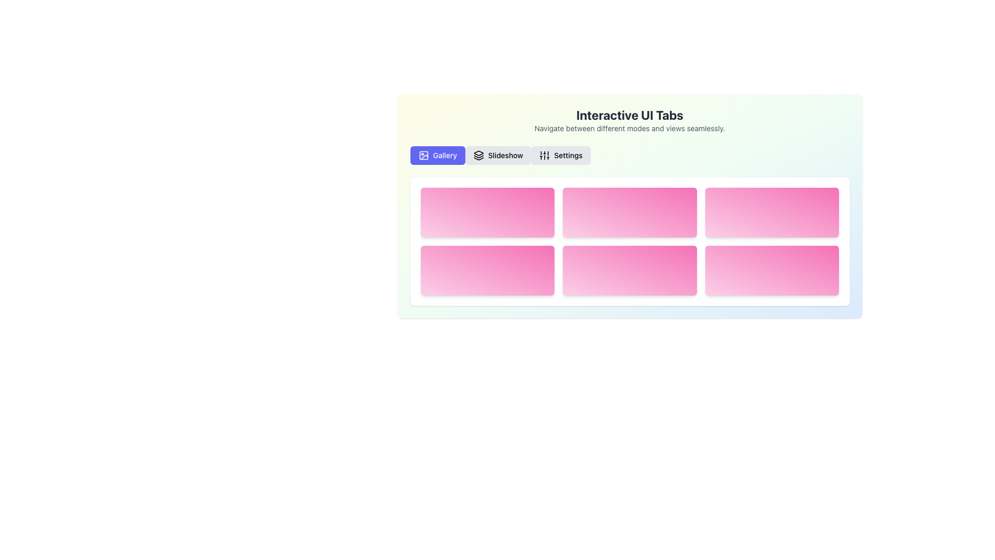 The image size is (995, 560). What do you see at coordinates (629, 128) in the screenshot?
I see `the static text label that reads 'Navigate between different modes and views seamlessly.', which is positioned beneath the title 'Interactive UI Tabs'` at bounding box center [629, 128].